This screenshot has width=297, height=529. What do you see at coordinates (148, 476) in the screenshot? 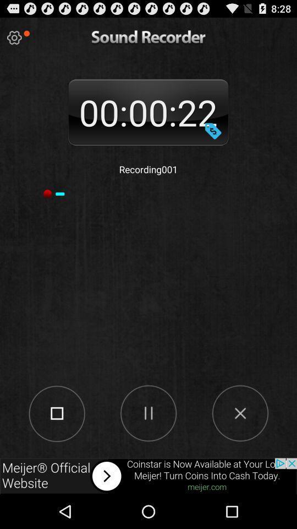
I see `go next` at bounding box center [148, 476].